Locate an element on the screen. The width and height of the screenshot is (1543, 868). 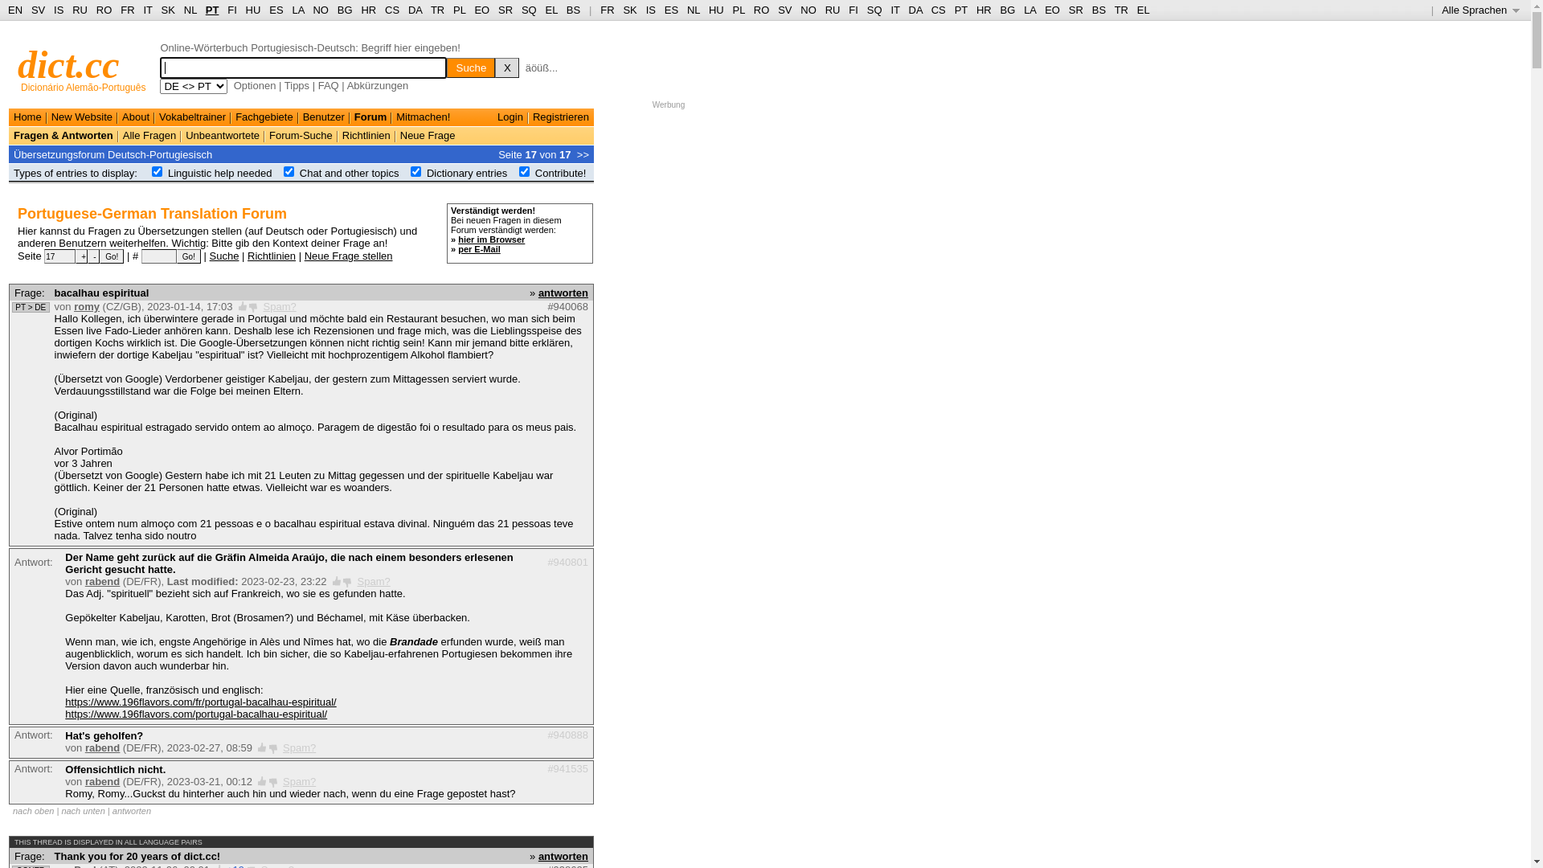
'Mitmachen!' is located at coordinates (423, 116).